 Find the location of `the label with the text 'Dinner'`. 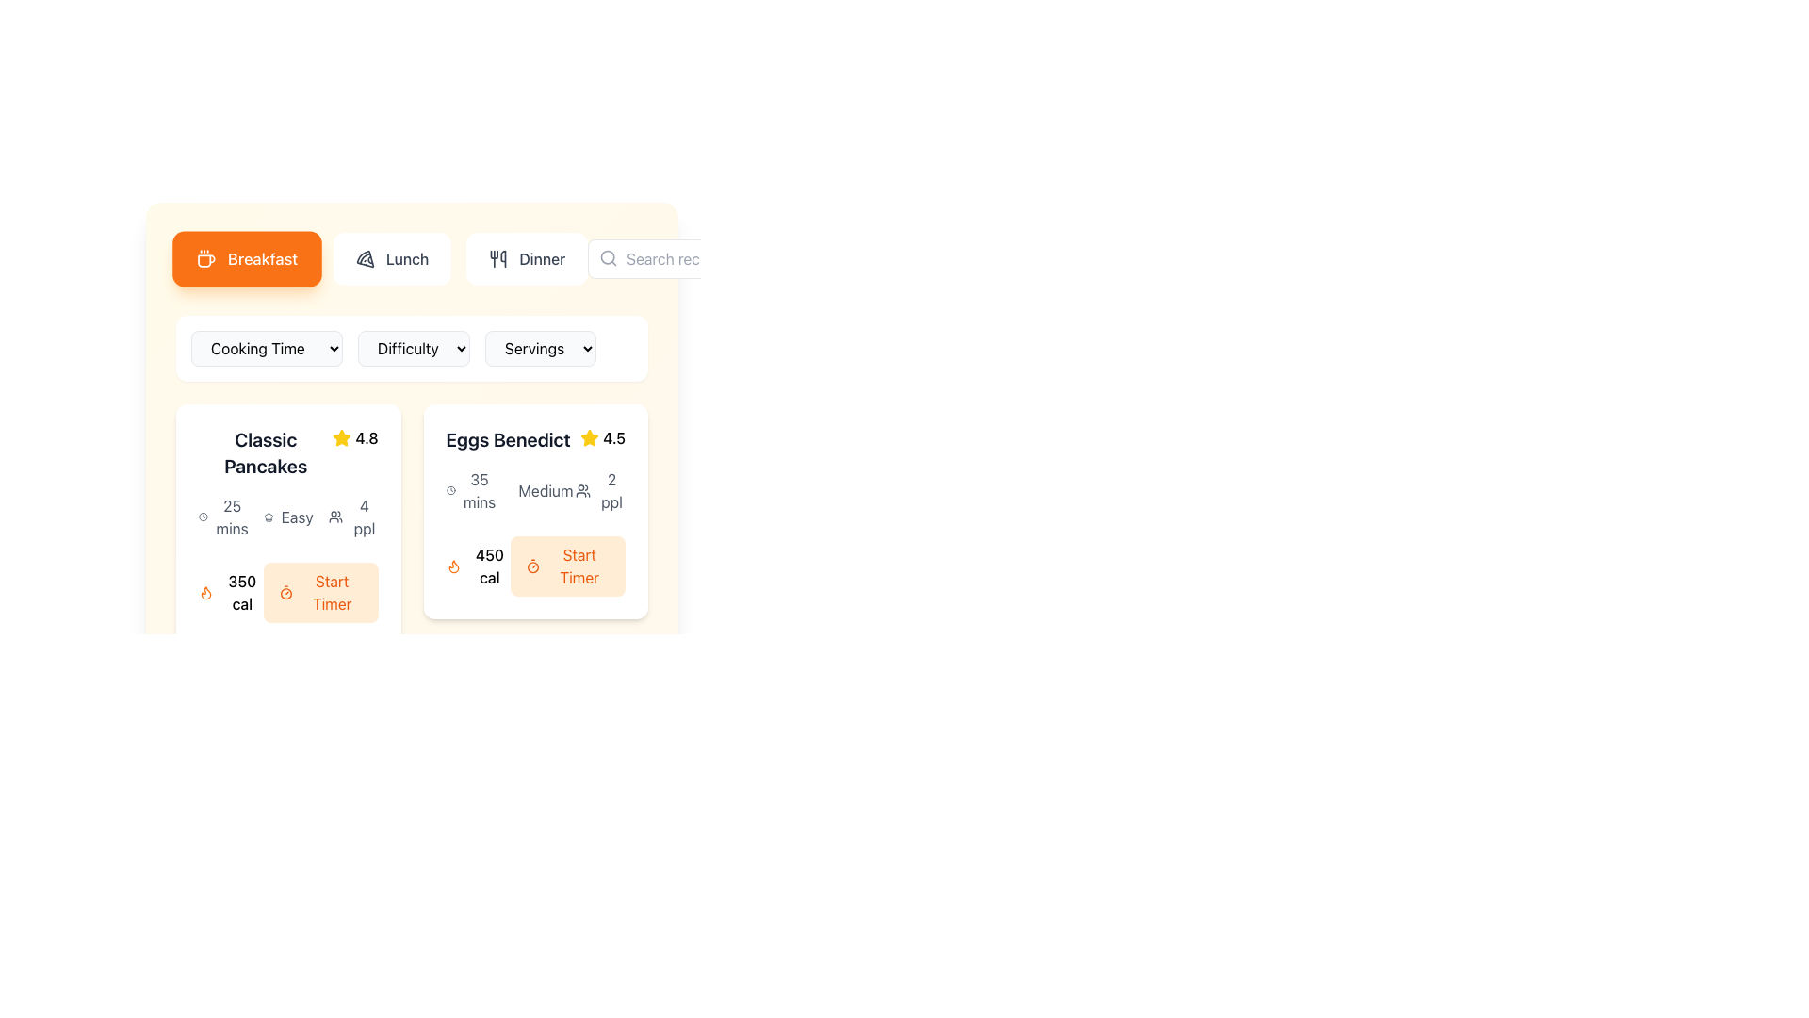

the label with the text 'Dinner' is located at coordinates (541, 258).